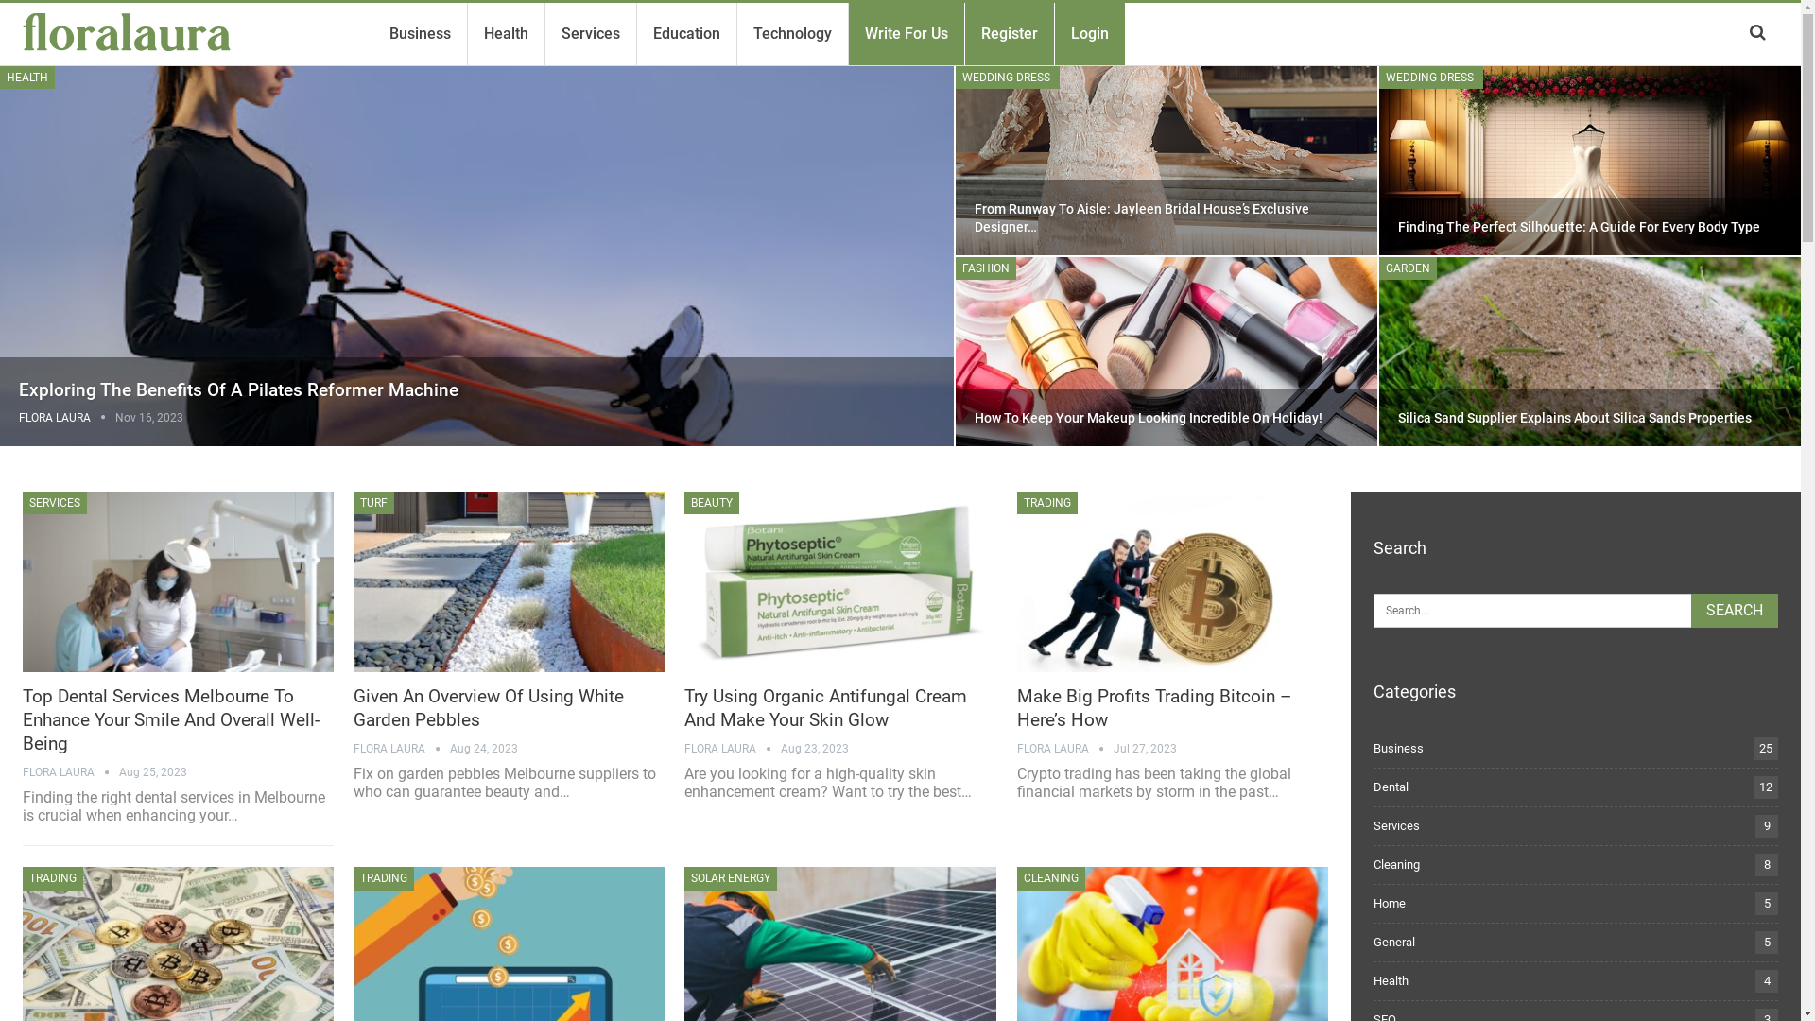 This screenshot has width=1815, height=1021. I want to click on 'TURF', so click(373, 502).